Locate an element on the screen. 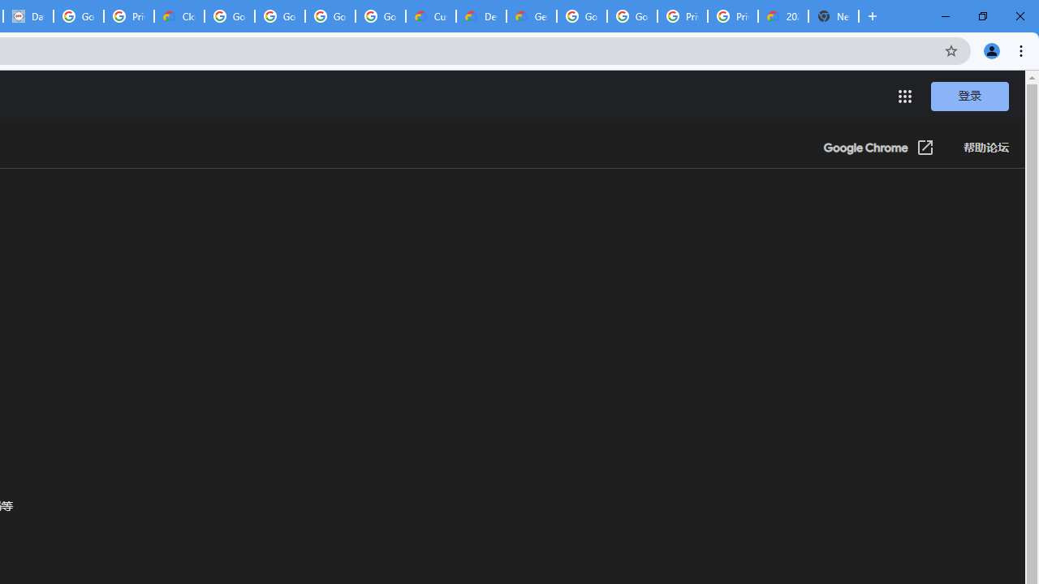 The height and width of the screenshot is (584, 1039). 'Minimize' is located at coordinates (946, 16).